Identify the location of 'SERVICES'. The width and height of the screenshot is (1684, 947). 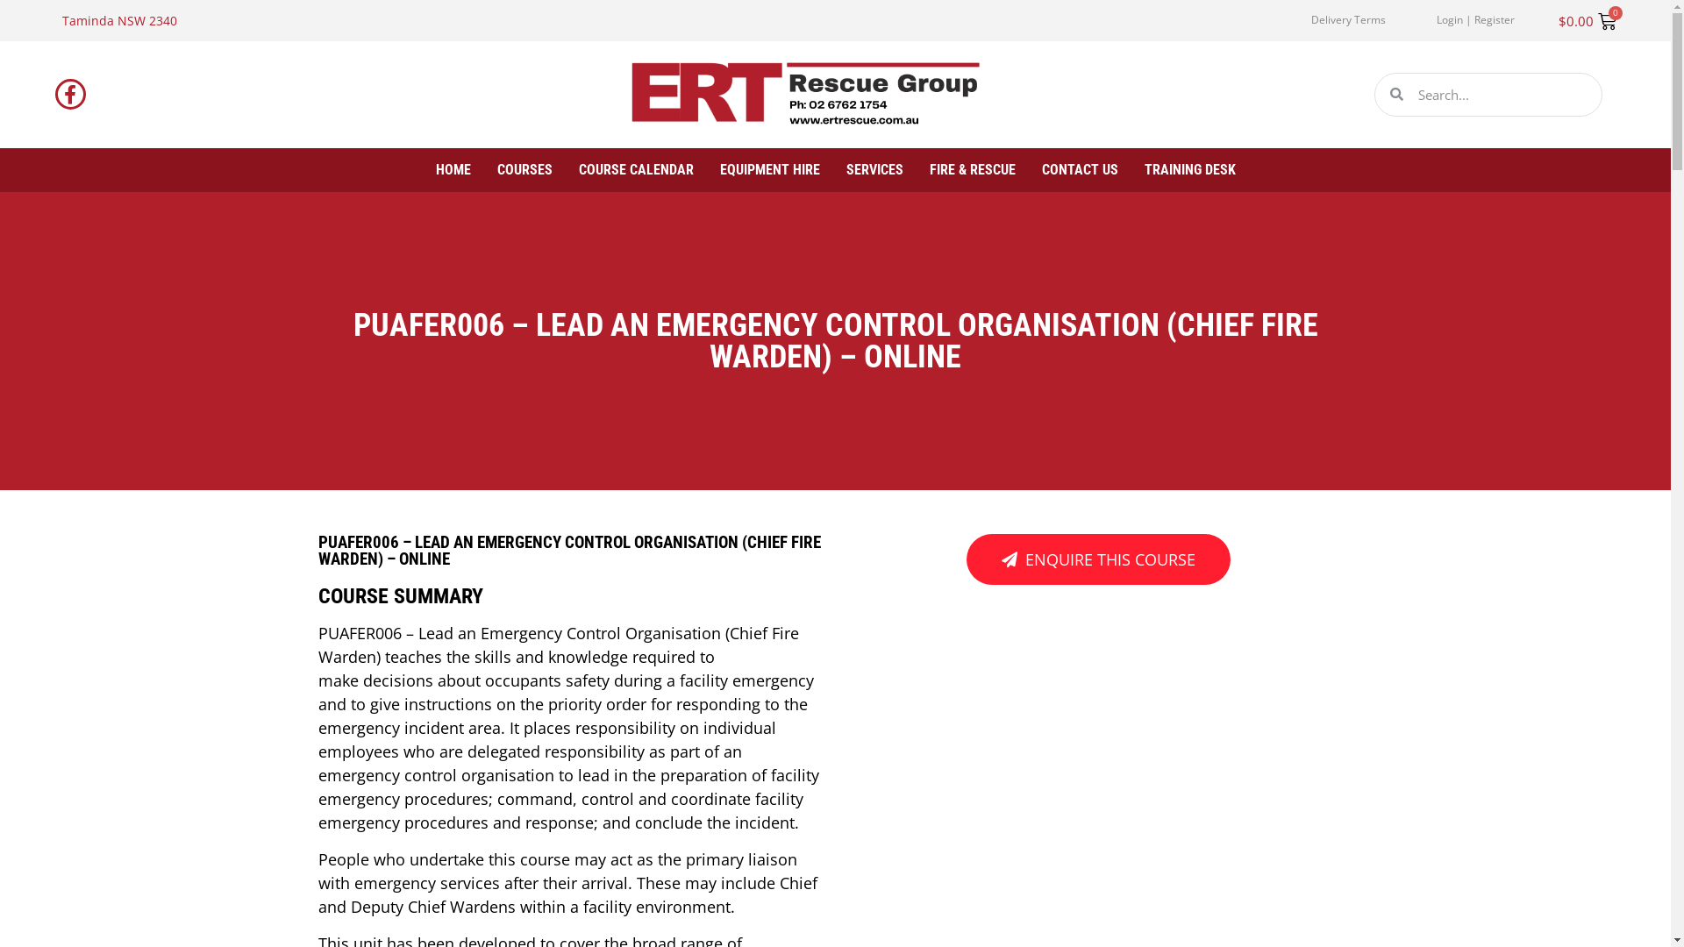
(874, 169).